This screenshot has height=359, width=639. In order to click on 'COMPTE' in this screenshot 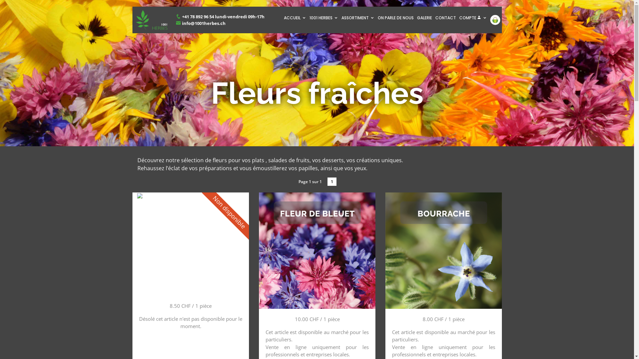, I will do `click(472, 18)`.